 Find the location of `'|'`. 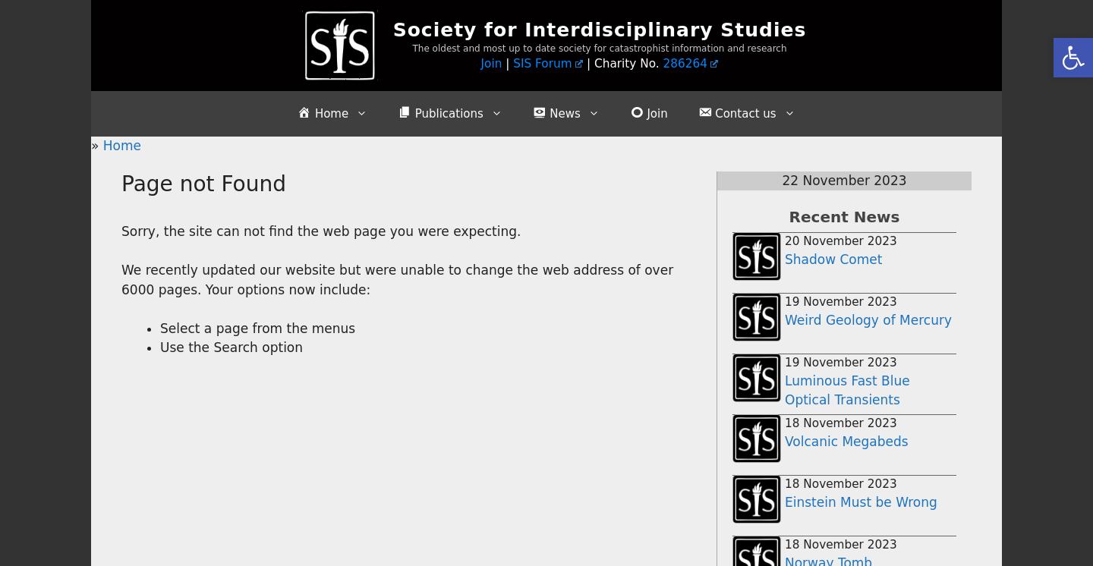

'|' is located at coordinates (507, 63).